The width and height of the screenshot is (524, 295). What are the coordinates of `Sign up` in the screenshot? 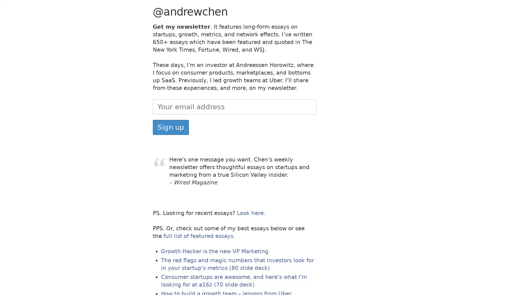 It's located at (170, 127).